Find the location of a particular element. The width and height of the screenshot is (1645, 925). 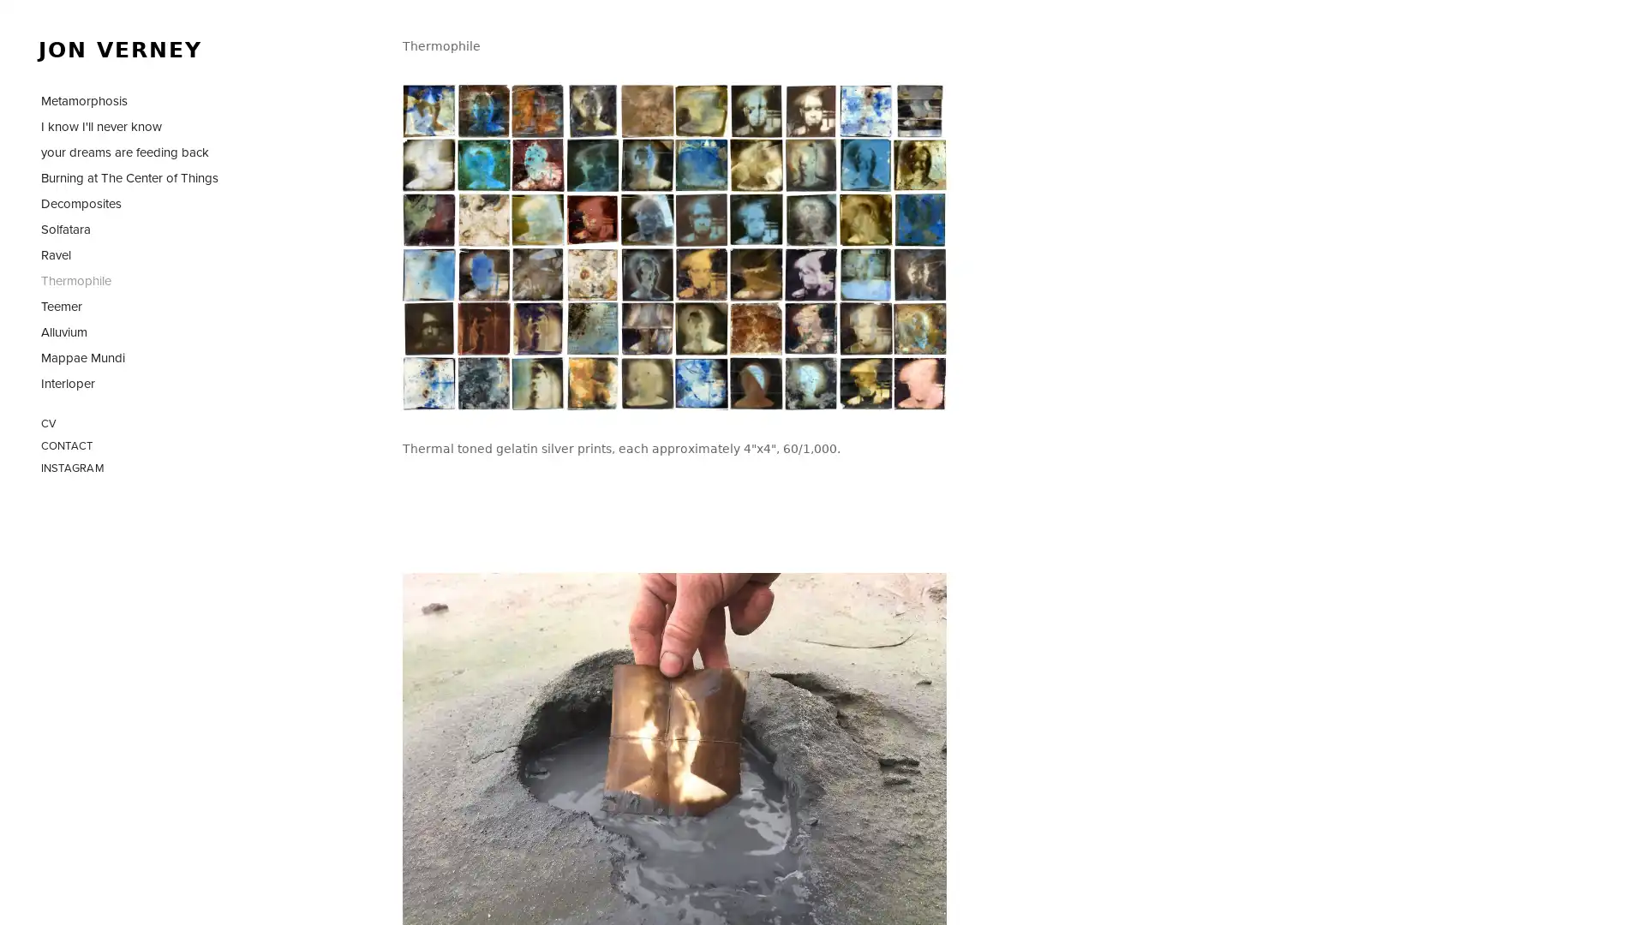

View fullsize jon_verney_thermophile_6.jpg is located at coordinates (918, 329).